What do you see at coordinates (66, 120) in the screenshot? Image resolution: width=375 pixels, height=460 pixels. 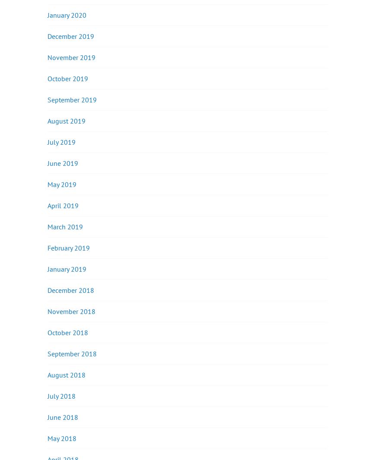 I see `'August 2019'` at bounding box center [66, 120].